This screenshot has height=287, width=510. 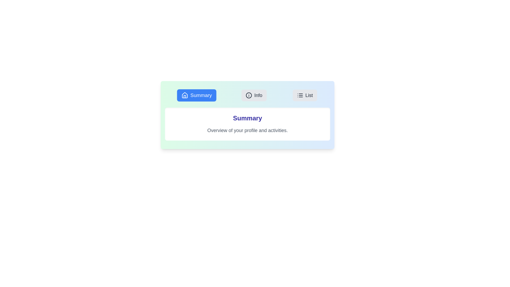 What do you see at coordinates (196, 95) in the screenshot?
I see `the tab labeled Summary to view its content` at bounding box center [196, 95].